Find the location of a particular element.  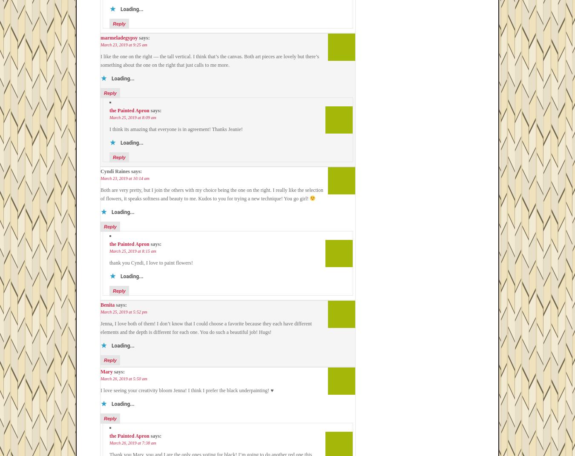

'I like the one on the right — the tall vertical. I think that’s the canvas. Both art pieces are lovely but there’s something about the one on the right that just calls to me more.' is located at coordinates (100, 60).